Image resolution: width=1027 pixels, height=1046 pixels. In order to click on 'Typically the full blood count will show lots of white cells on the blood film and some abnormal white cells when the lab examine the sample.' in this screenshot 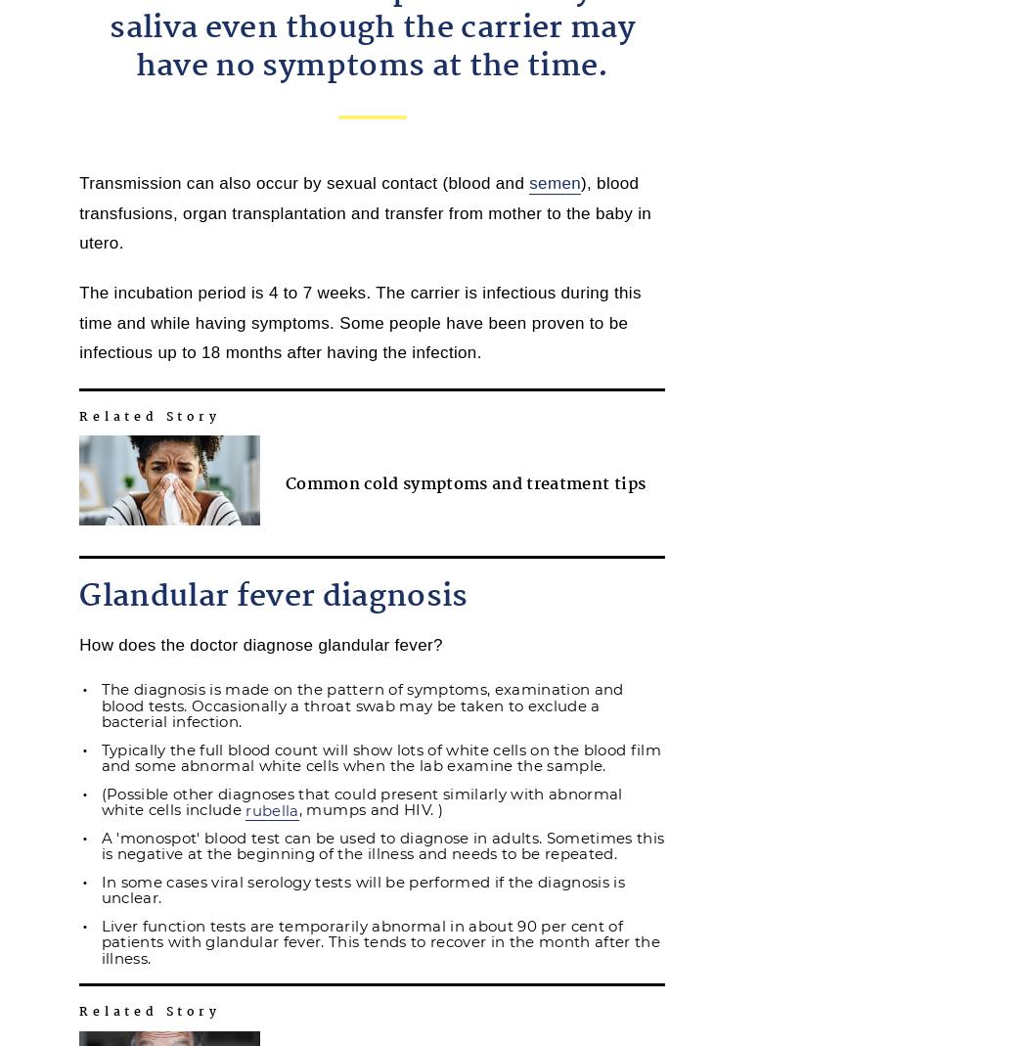, I will do `click(380, 756)`.